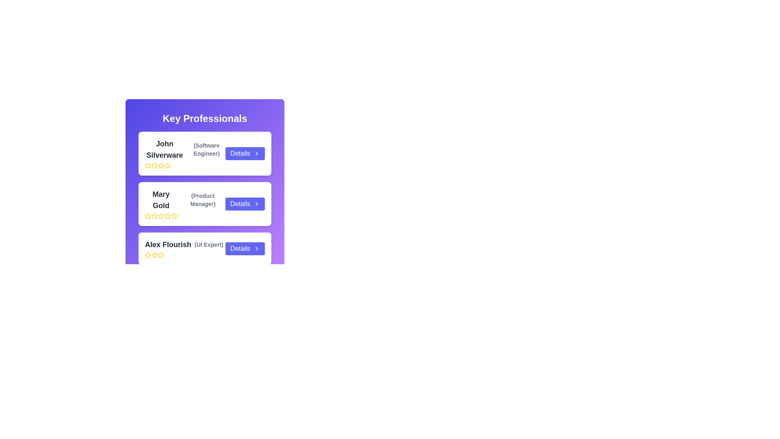  I want to click on 'Details' button for the contact named Mary Gold, so click(245, 203).